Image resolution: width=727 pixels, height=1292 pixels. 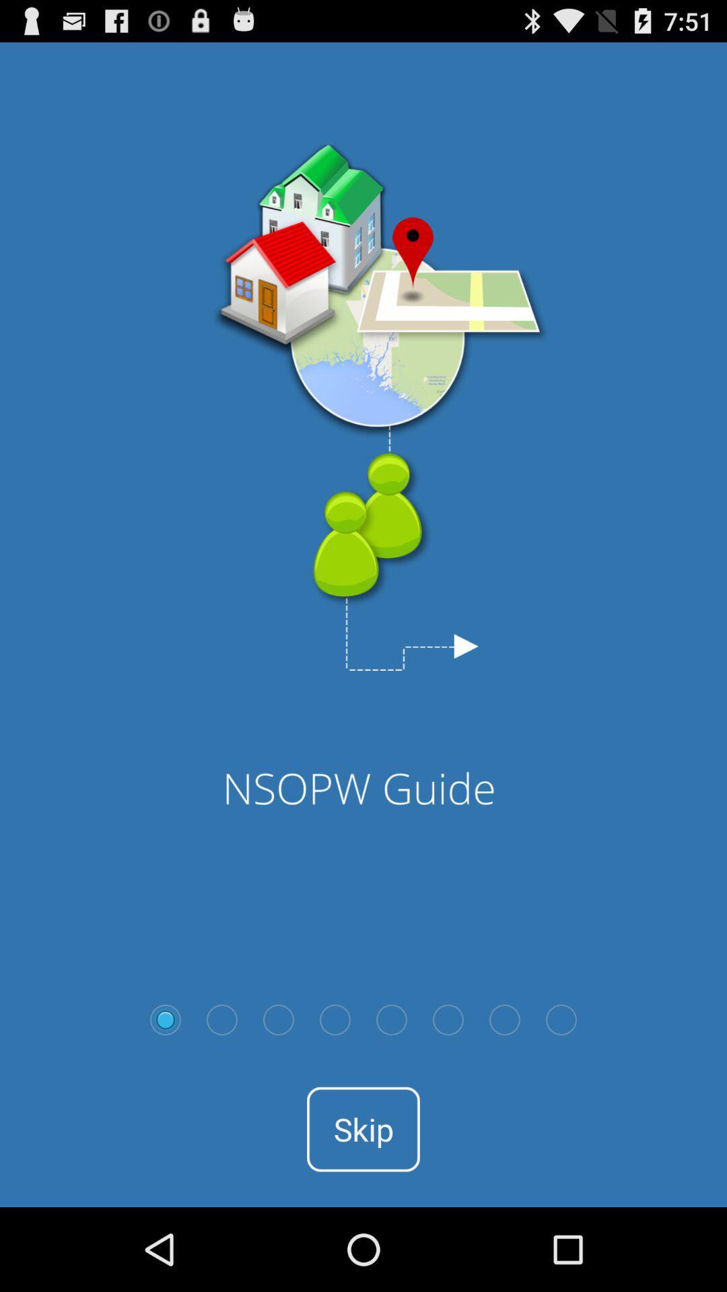 What do you see at coordinates (334, 1019) in the screenshot?
I see `hide` at bounding box center [334, 1019].